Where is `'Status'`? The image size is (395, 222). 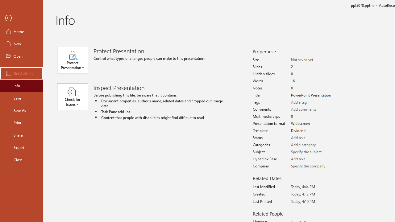
'Status' is located at coordinates (312, 138).